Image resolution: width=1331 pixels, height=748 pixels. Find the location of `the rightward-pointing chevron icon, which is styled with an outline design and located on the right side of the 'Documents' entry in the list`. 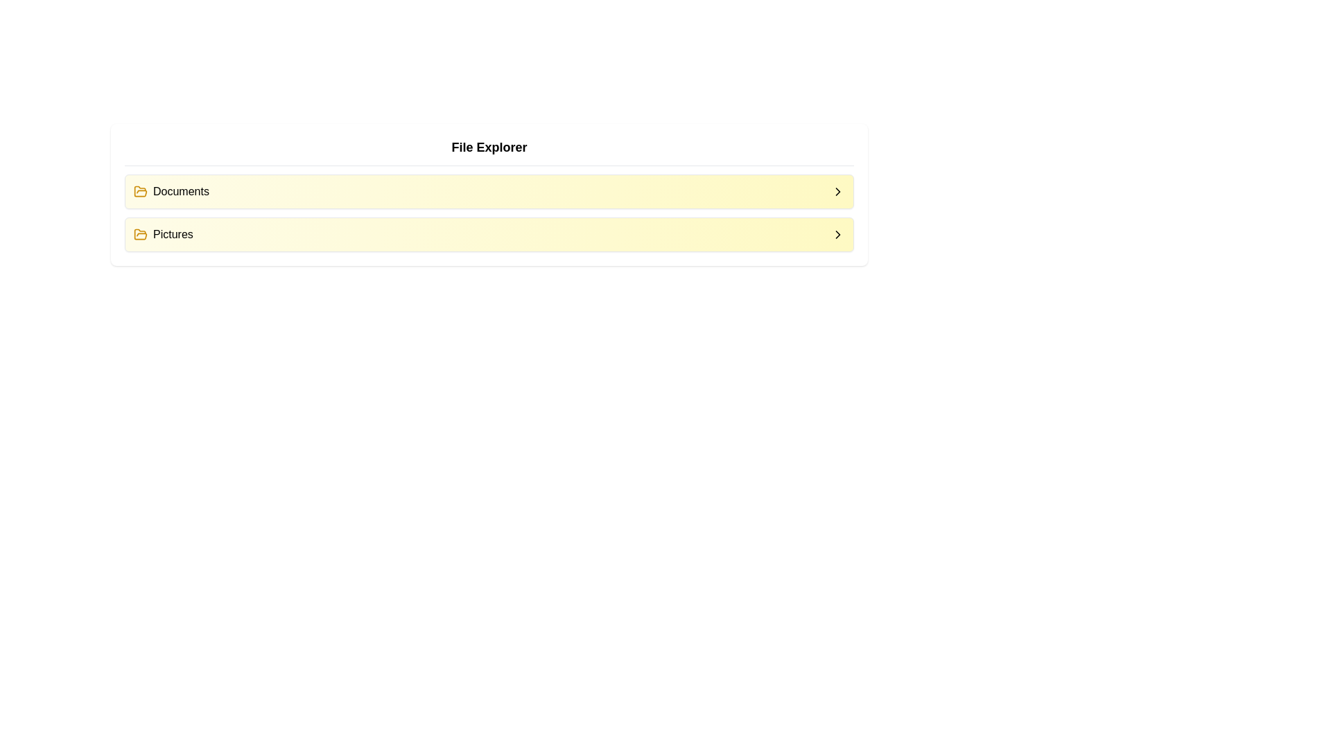

the rightward-pointing chevron icon, which is styled with an outline design and located on the right side of the 'Documents' entry in the list is located at coordinates (837, 192).